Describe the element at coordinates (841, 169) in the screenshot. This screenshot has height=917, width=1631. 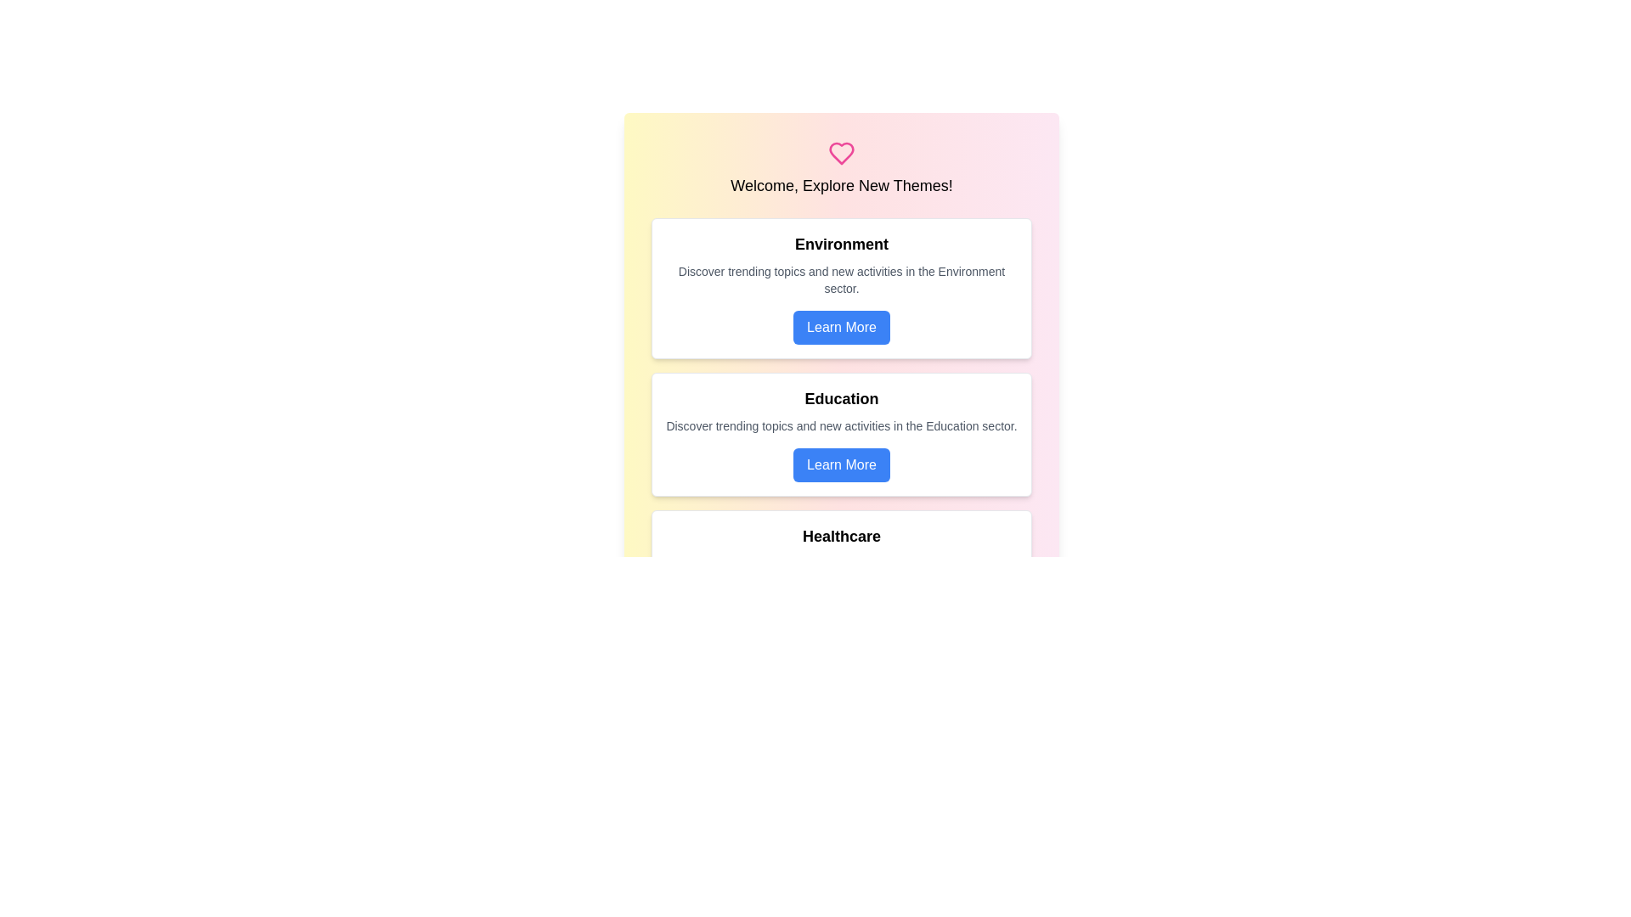
I see `the decorative heart icon in the welcoming header, which is the topmost centered component above the section summaries` at that location.